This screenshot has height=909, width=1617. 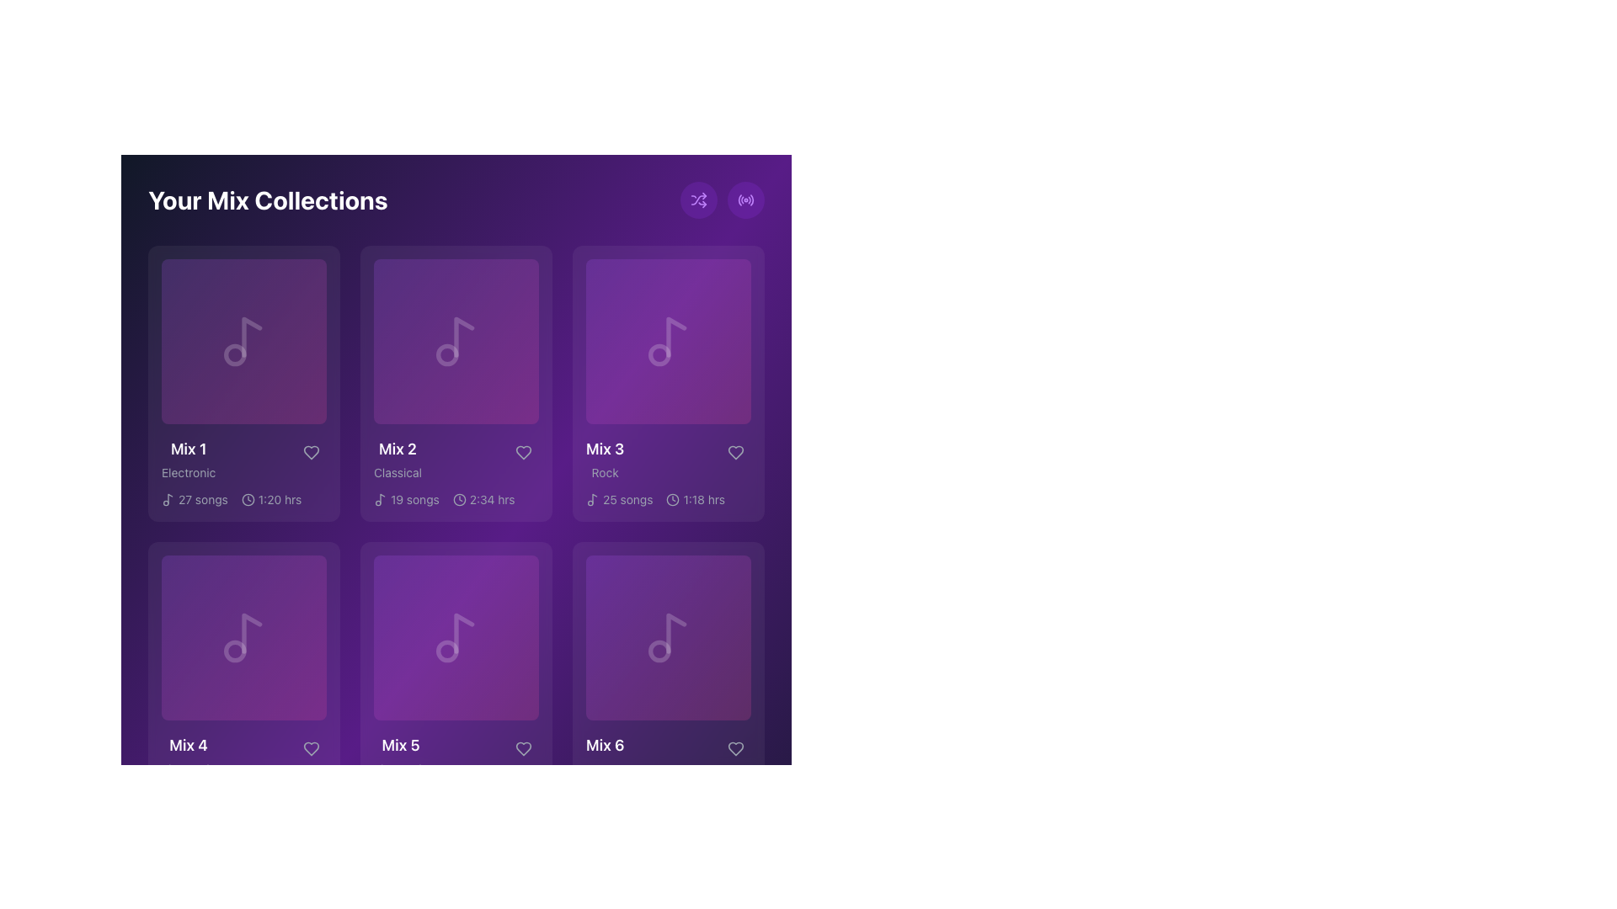 What do you see at coordinates (667, 638) in the screenshot?
I see `the music note icon, which has a circular base and a stem extending upward, located in the sixth mix card in the bottom-right corner of the collection area` at bounding box center [667, 638].